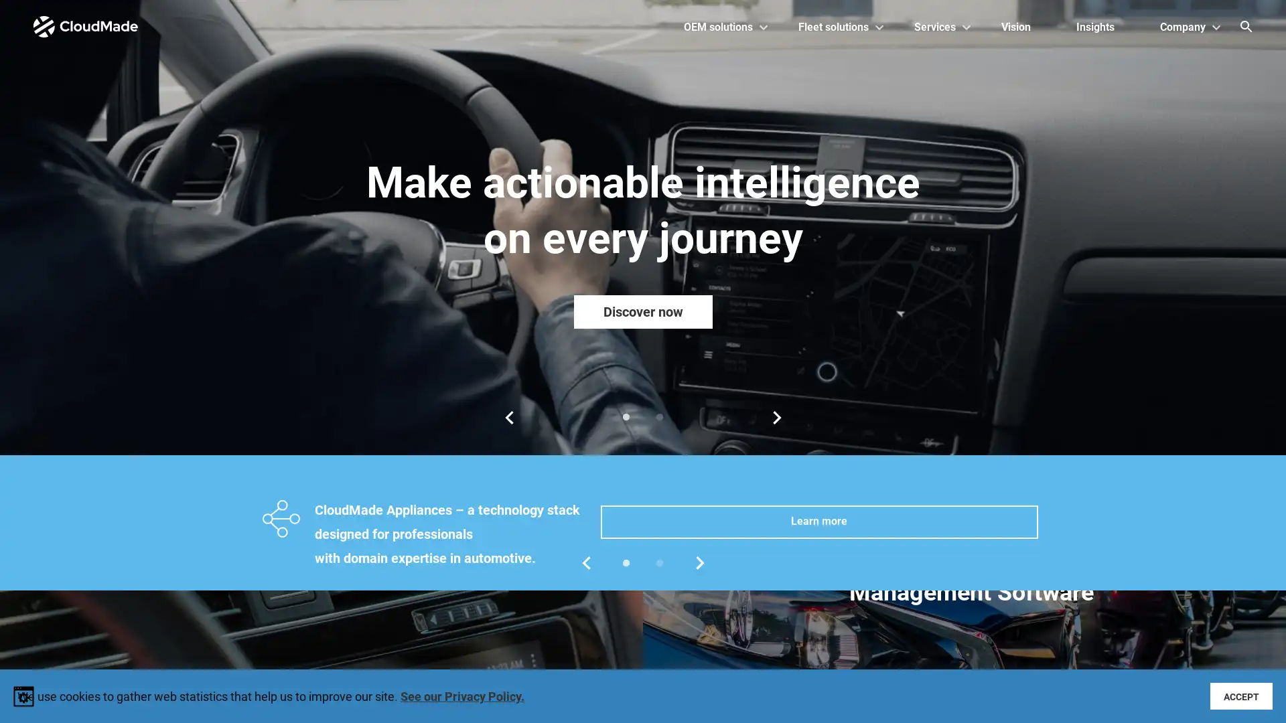 This screenshot has height=723, width=1286. Describe the element at coordinates (699, 562) in the screenshot. I see `Next` at that location.